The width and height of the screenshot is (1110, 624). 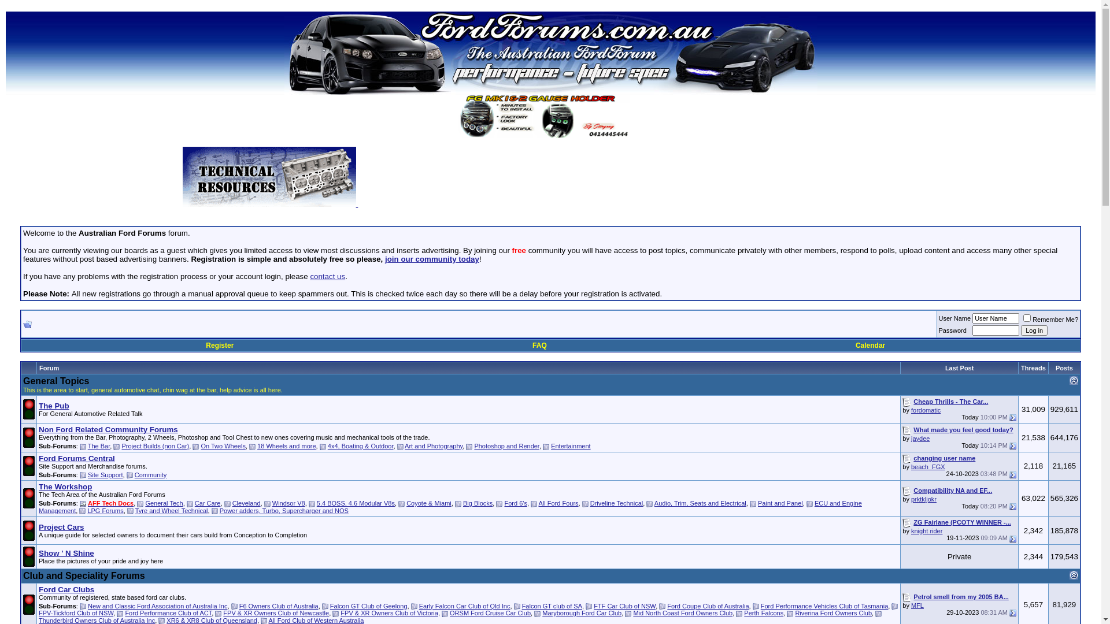 I want to click on 'Riverina Ford Owners Club', so click(x=833, y=612).